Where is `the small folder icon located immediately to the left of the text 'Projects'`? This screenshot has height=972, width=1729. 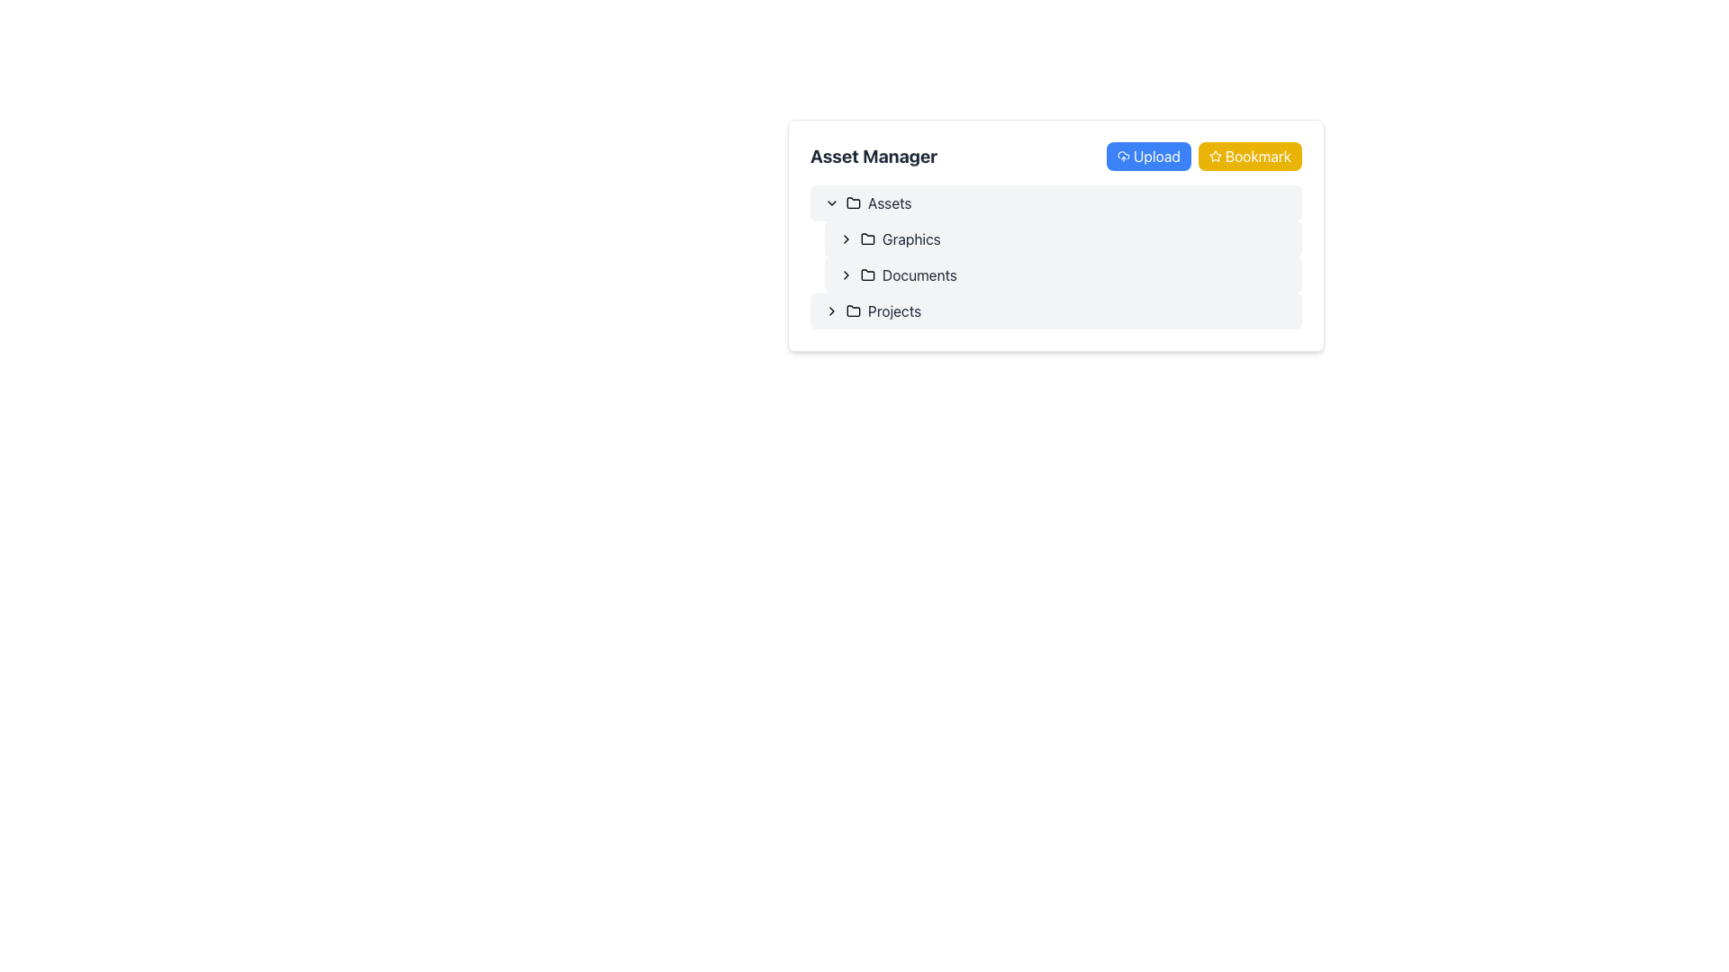
the small folder icon located immediately to the left of the text 'Projects' is located at coordinates (853, 310).